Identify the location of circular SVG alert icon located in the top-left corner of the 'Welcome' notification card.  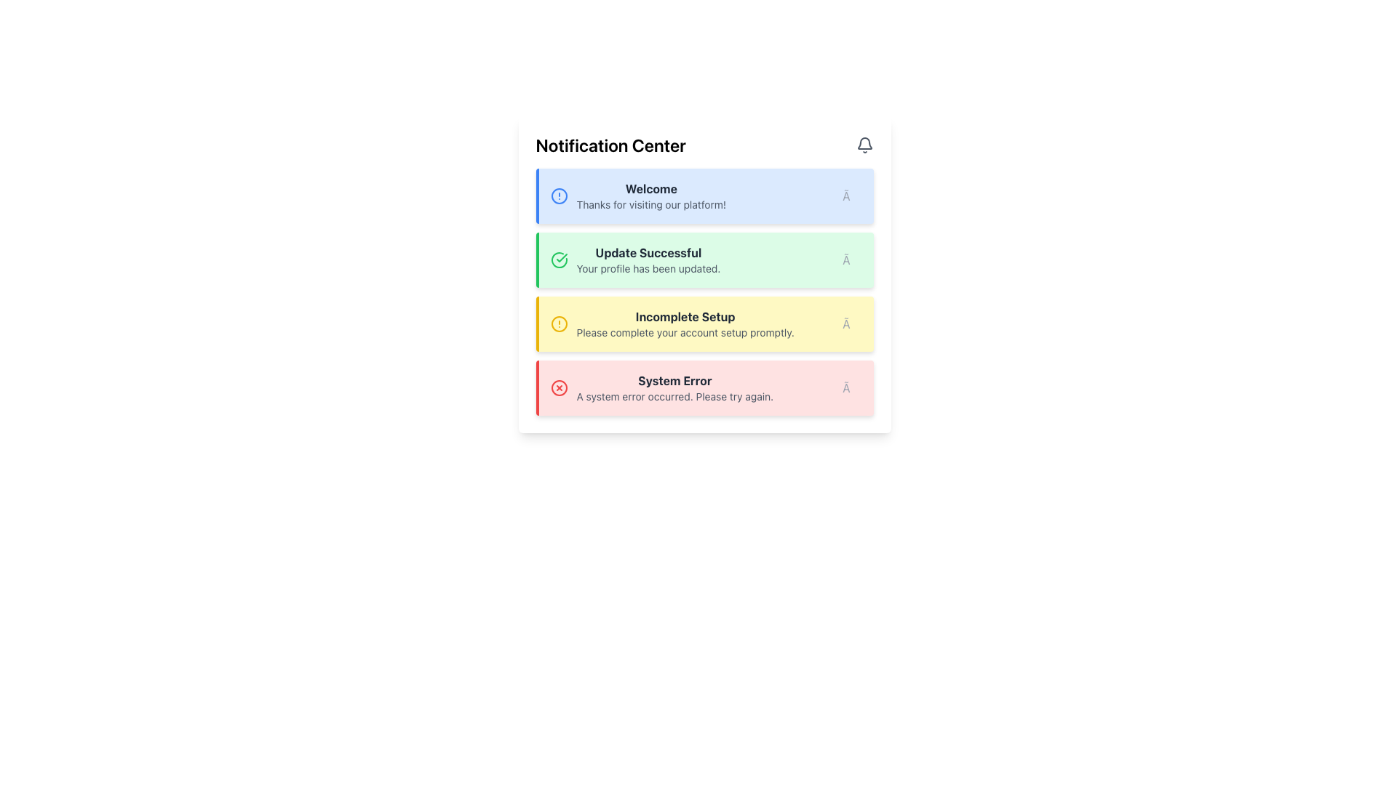
(558, 196).